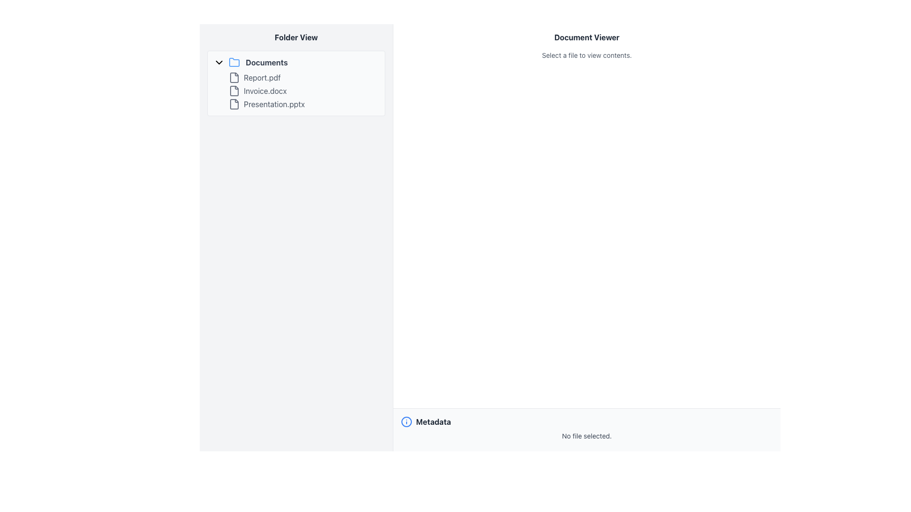 The width and height of the screenshot is (911, 512). Describe the element at coordinates (234, 104) in the screenshot. I see `the small gray file icon with a folded corner located to the left of the 'Presentation.pptx' text in the left panel under 'Folder View'` at that location.